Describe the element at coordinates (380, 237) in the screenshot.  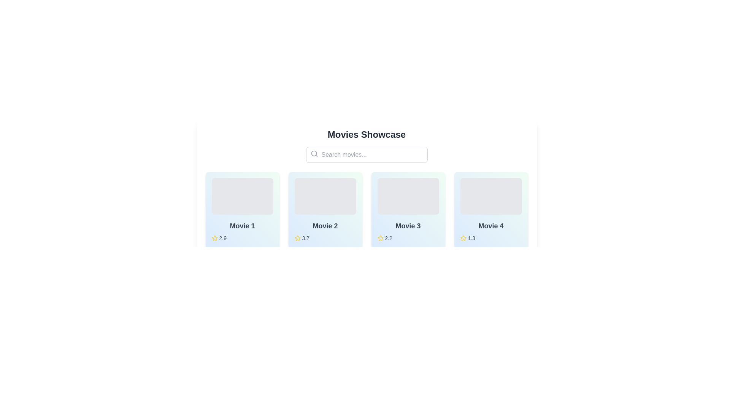
I see `the small star icon outlined with yellow, located to the left of the numerical rating '2.2' in the rating section of the 'Movie 3' card` at that location.